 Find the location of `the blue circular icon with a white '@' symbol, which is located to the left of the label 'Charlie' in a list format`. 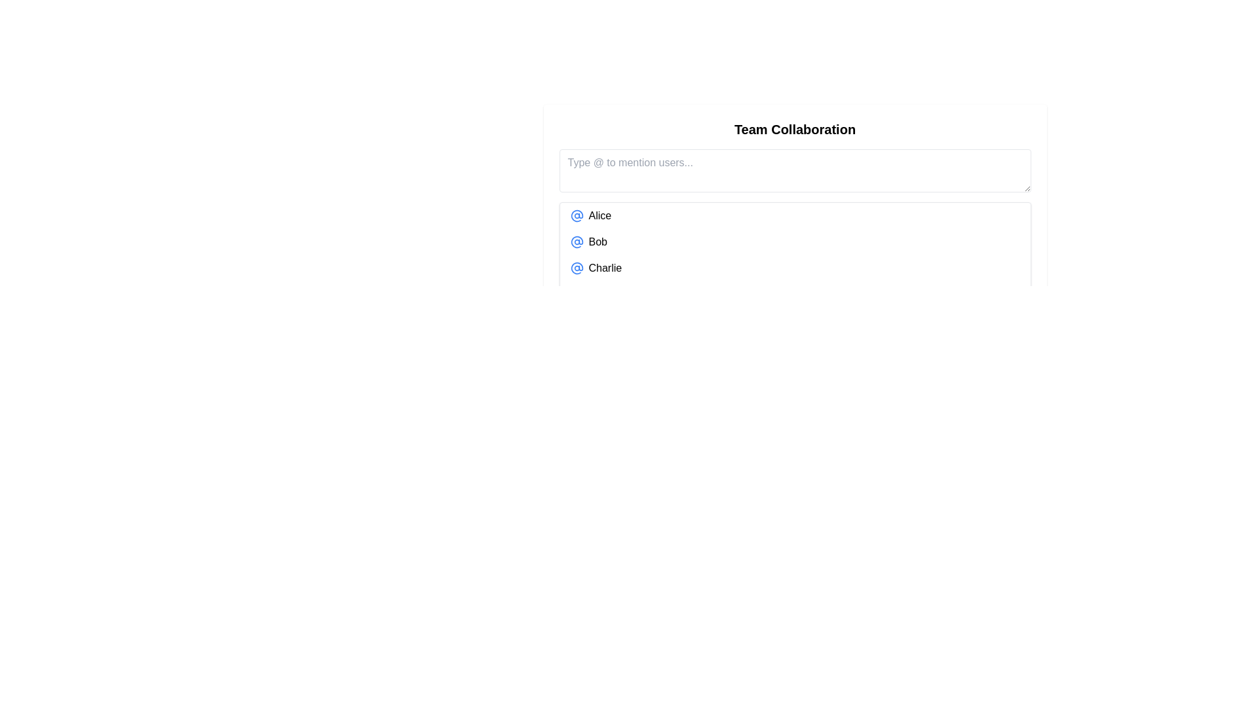

the blue circular icon with a white '@' symbol, which is located to the left of the label 'Charlie' in a list format is located at coordinates (577, 267).